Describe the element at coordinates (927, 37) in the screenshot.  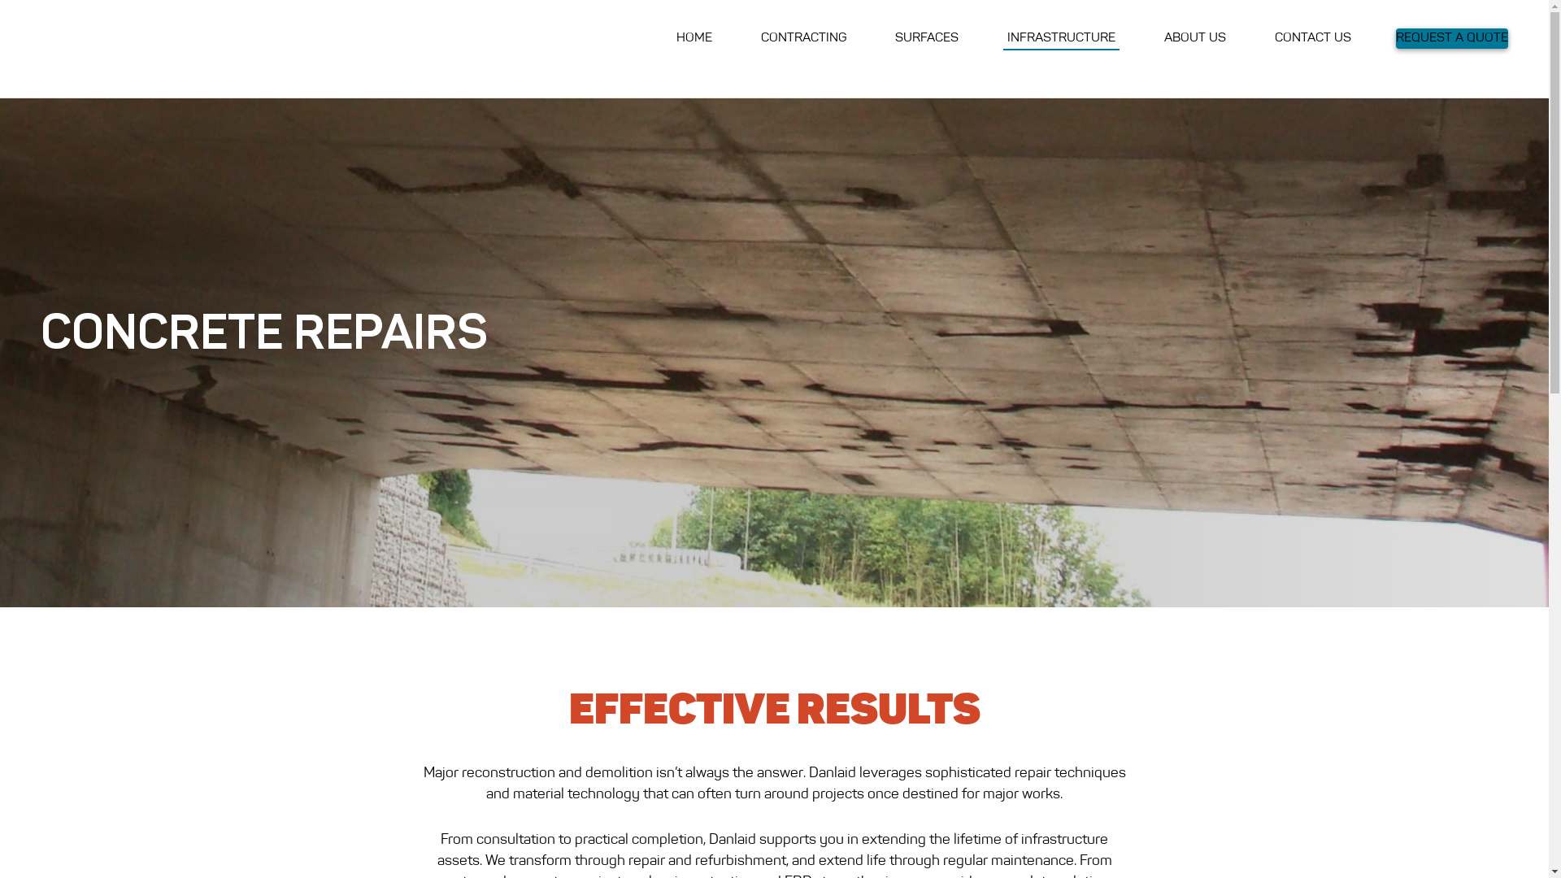
I see `'SURFACES'` at that location.